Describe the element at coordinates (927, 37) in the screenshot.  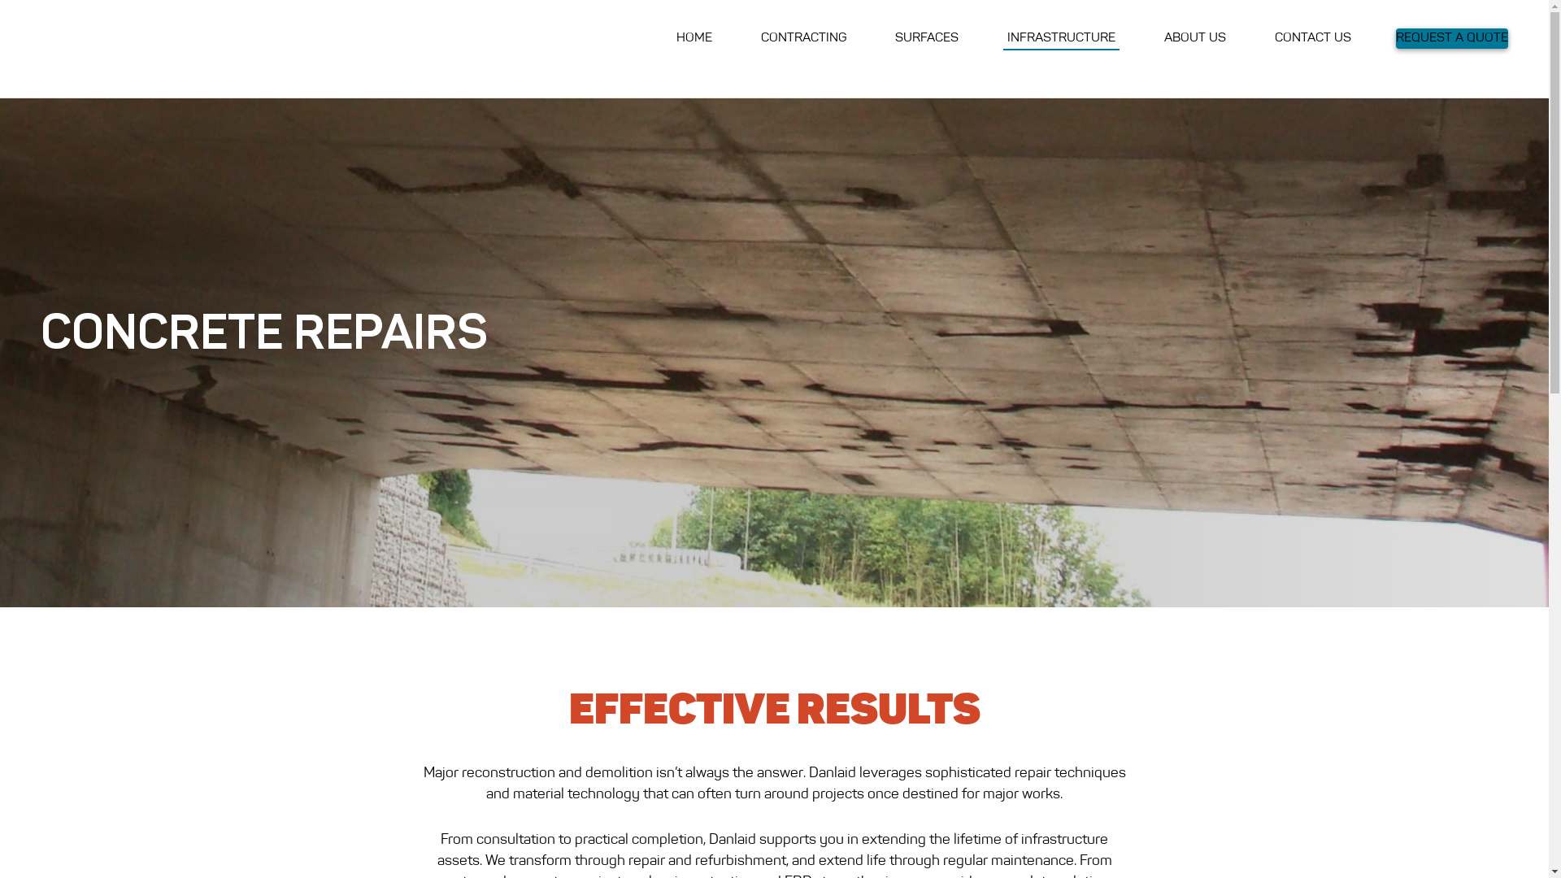
I see `'SURFACES'` at that location.